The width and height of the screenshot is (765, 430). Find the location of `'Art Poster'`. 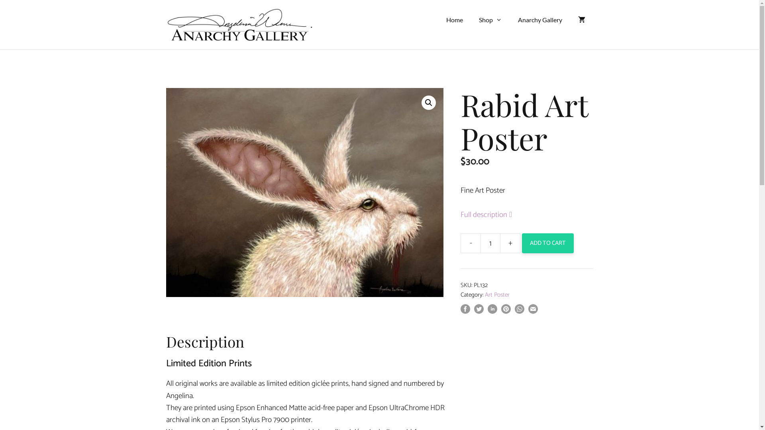

'Art Poster' is located at coordinates (497, 295).